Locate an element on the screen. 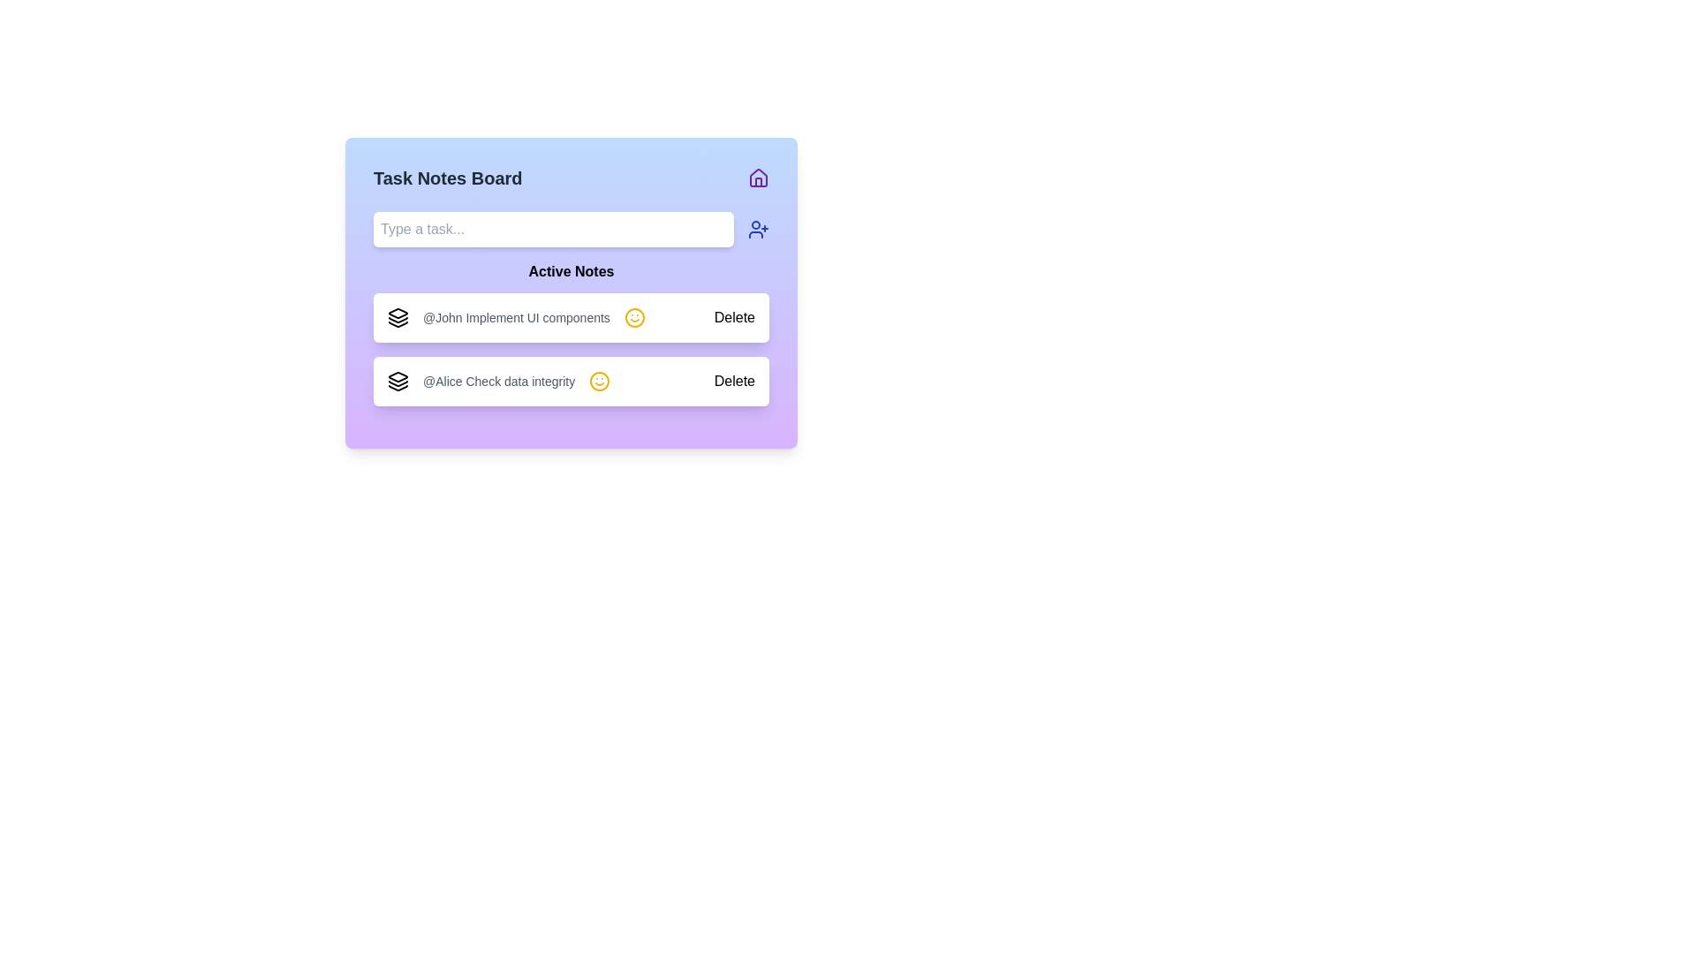 This screenshot has width=1696, height=954. the icon resembling a stack of layers or sheets located to the left of the text '@John Implement UI components' in the 'Active Notes' section is located at coordinates (397, 316).